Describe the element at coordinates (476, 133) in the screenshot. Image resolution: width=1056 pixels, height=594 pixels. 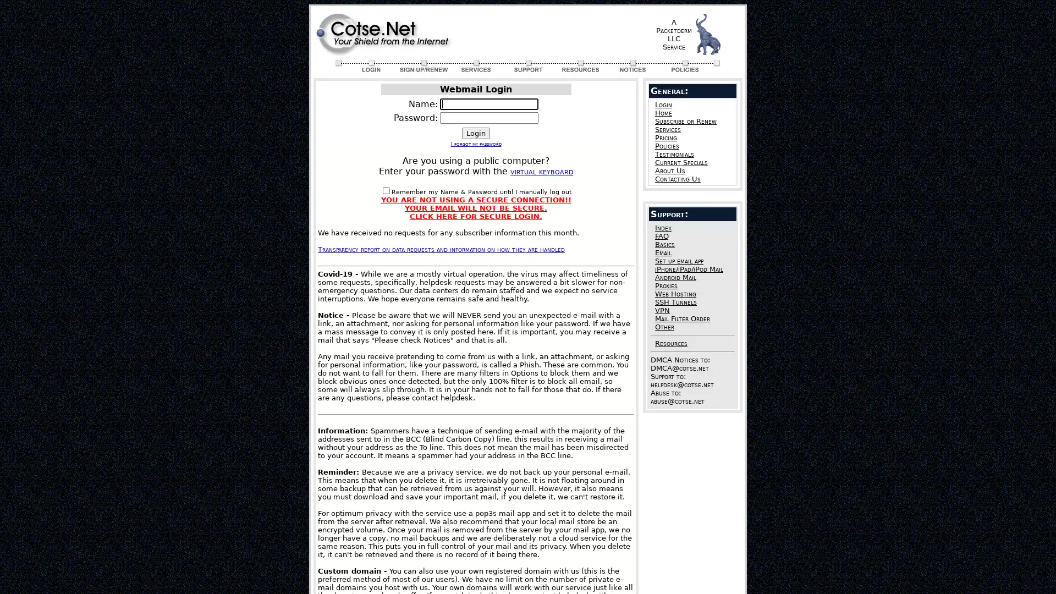
I see `Login` at that location.